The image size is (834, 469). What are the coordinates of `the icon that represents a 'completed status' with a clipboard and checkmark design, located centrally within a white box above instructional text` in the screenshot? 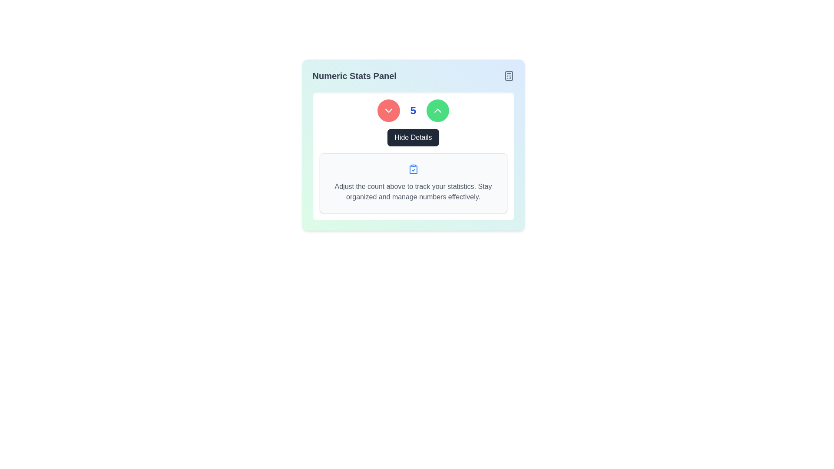 It's located at (413, 169).